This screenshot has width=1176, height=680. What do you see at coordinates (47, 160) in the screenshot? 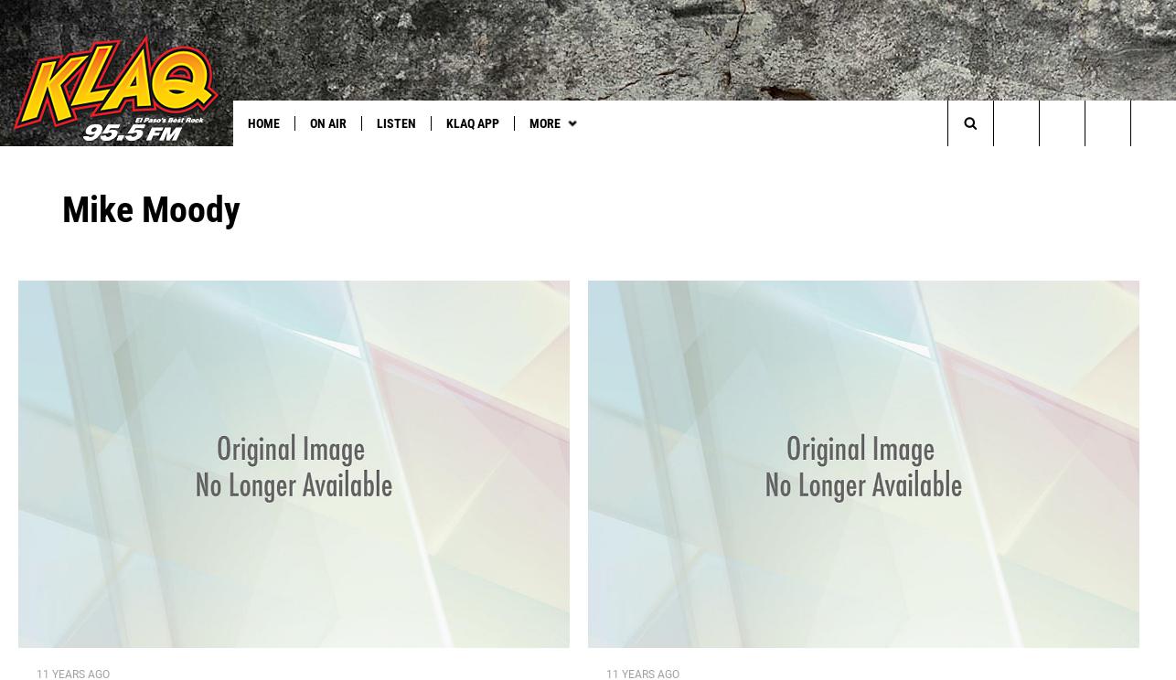
I see `'Must Read:'` at bounding box center [47, 160].